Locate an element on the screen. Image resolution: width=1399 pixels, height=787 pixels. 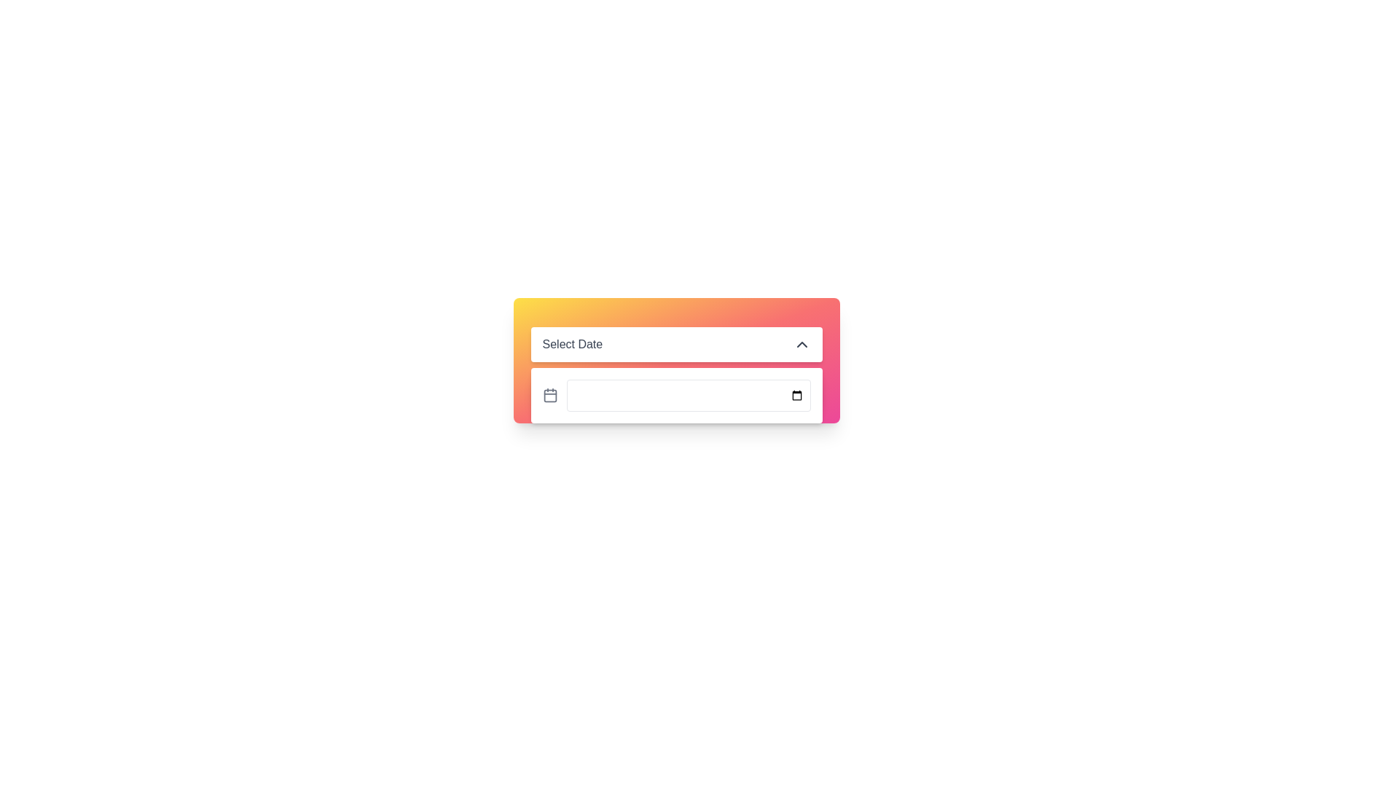
the Date Picker Input Field located below the 'Select Date' top bar is located at coordinates (675, 396).